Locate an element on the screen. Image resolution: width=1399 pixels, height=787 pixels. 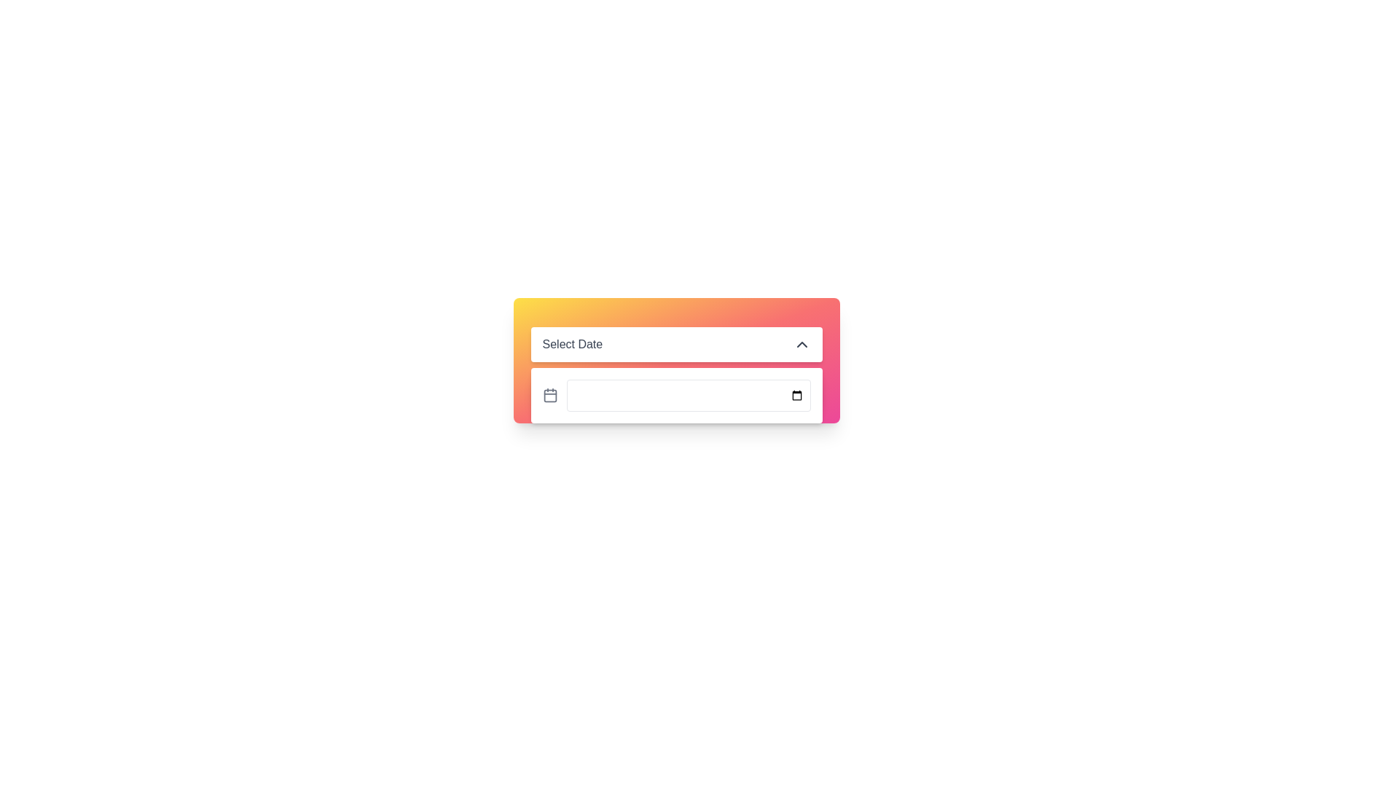
the Date Picker Input Field located below the 'Select Date' top bar is located at coordinates (675, 396).